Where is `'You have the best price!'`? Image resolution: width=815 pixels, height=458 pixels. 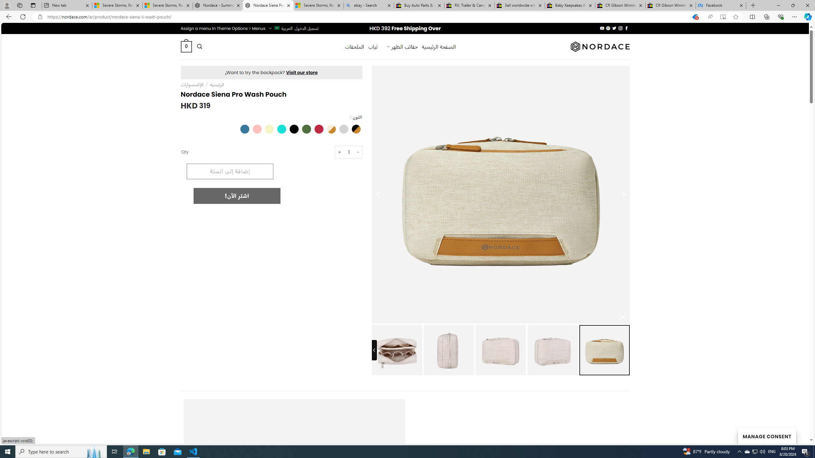 'You have the best price!' is located at coordinates (695, 17).